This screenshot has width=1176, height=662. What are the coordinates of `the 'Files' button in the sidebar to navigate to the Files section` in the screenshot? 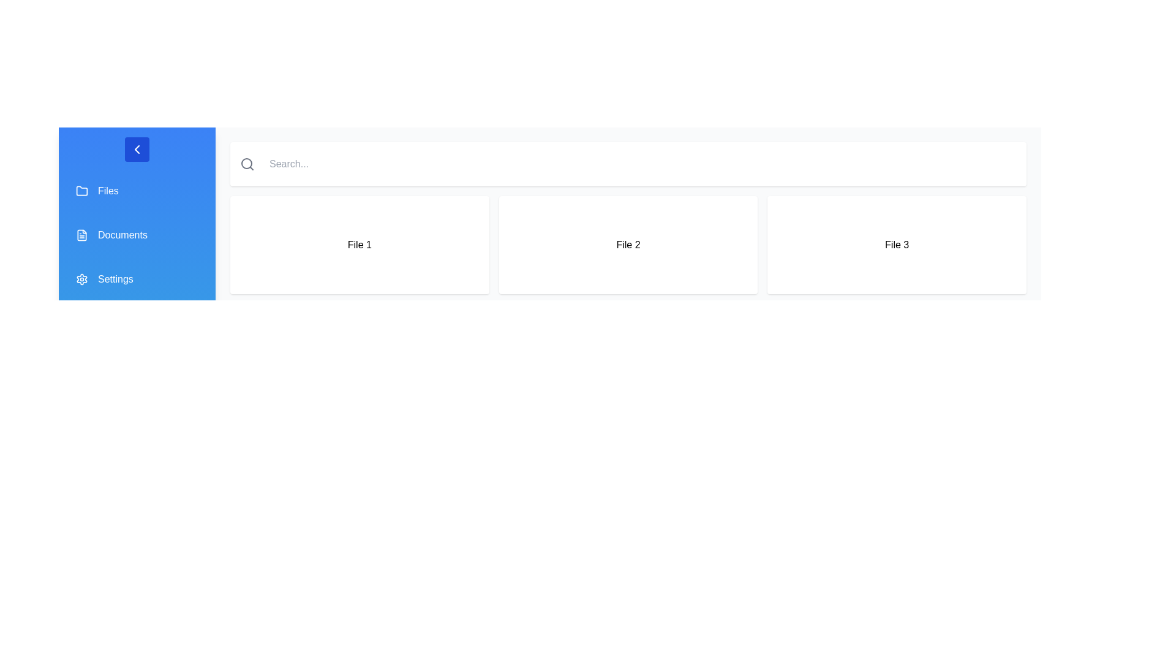 It's located at (137, 191).